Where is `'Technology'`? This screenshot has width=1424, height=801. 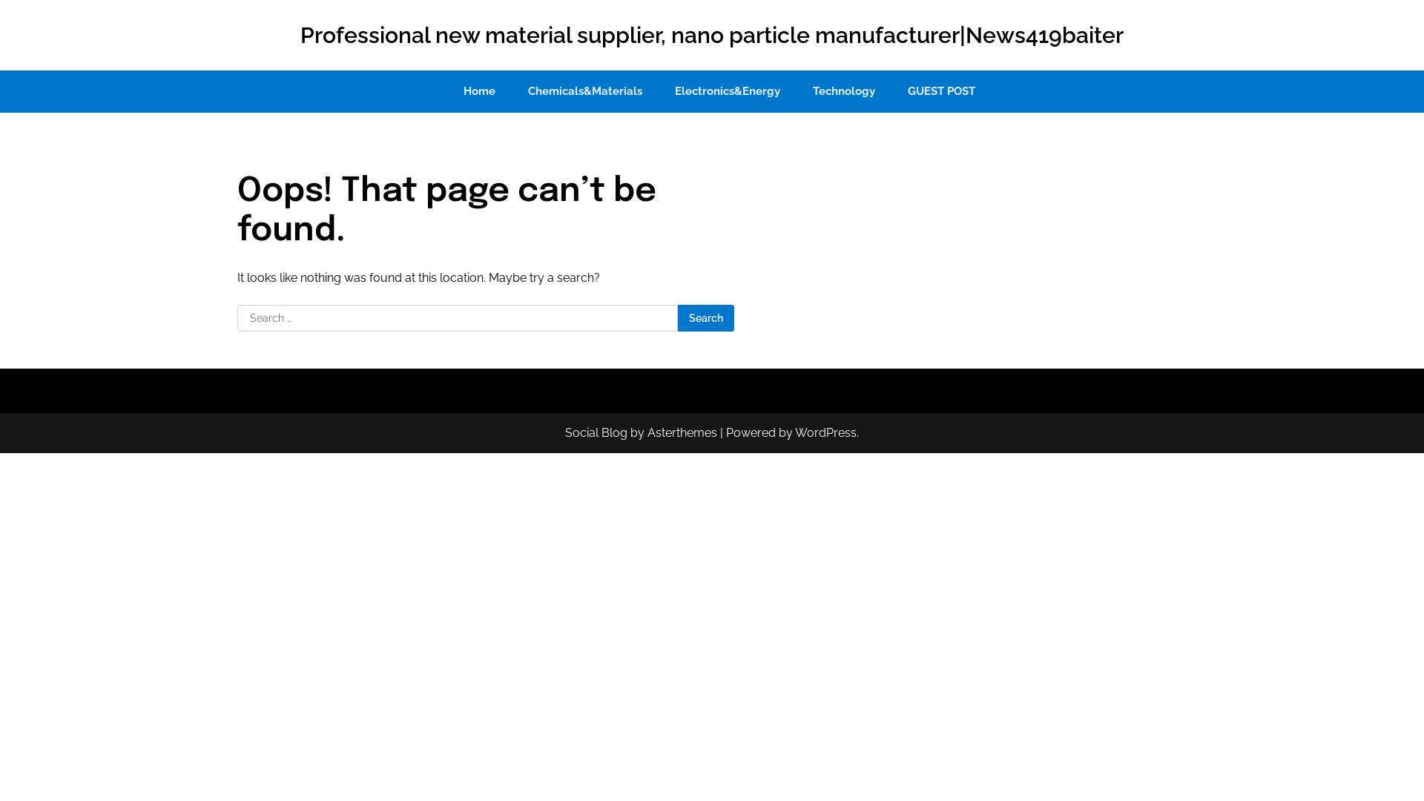
'Technology' is located at coordinates (843, 91).